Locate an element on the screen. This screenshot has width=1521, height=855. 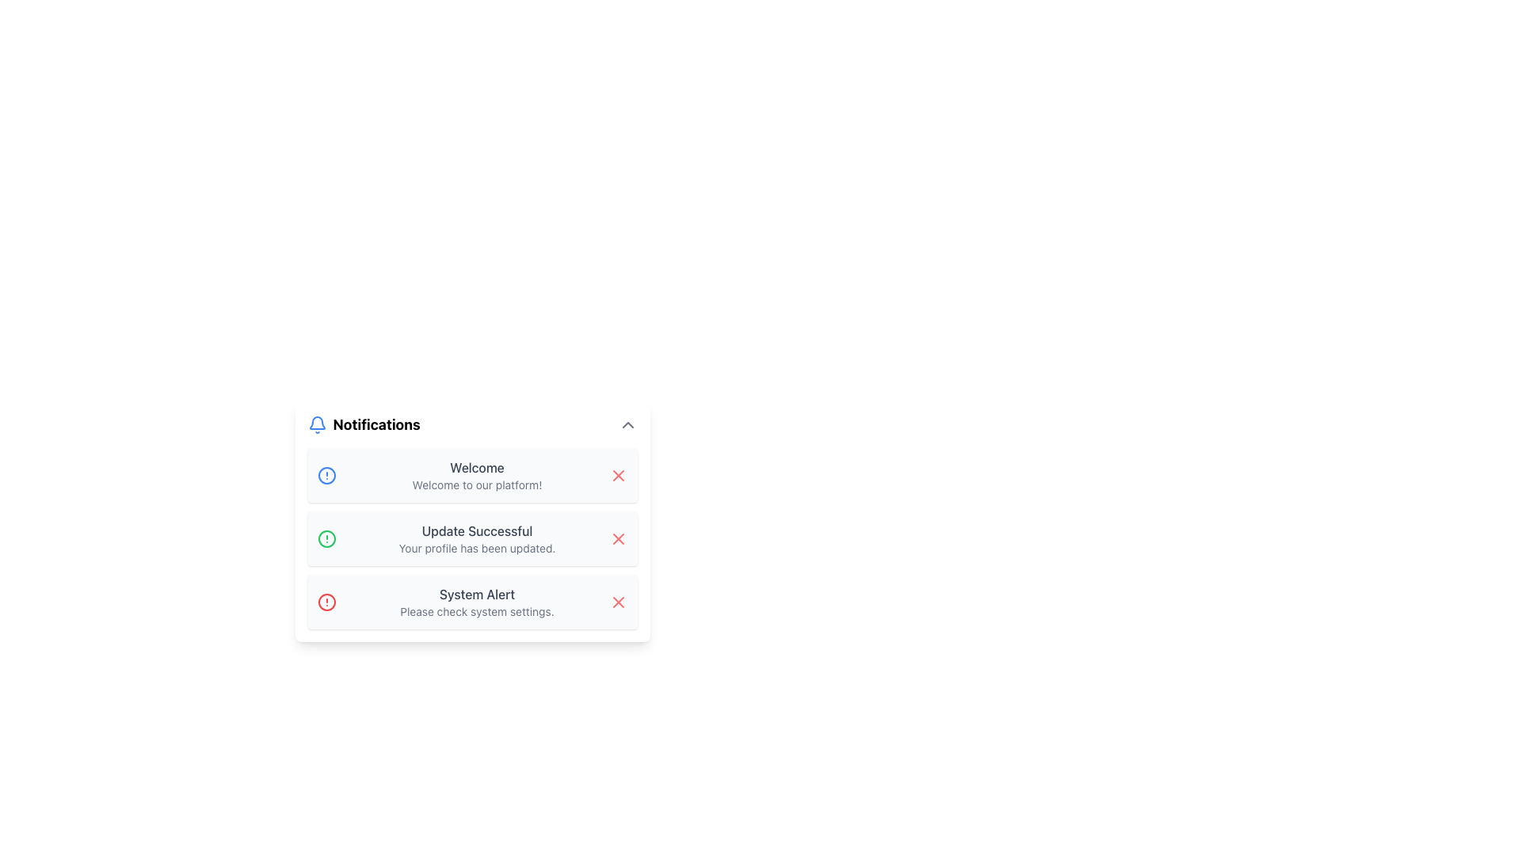
the close button located in the top-right corner of the 'Welcome' notification is located at coordinates (617, 475).